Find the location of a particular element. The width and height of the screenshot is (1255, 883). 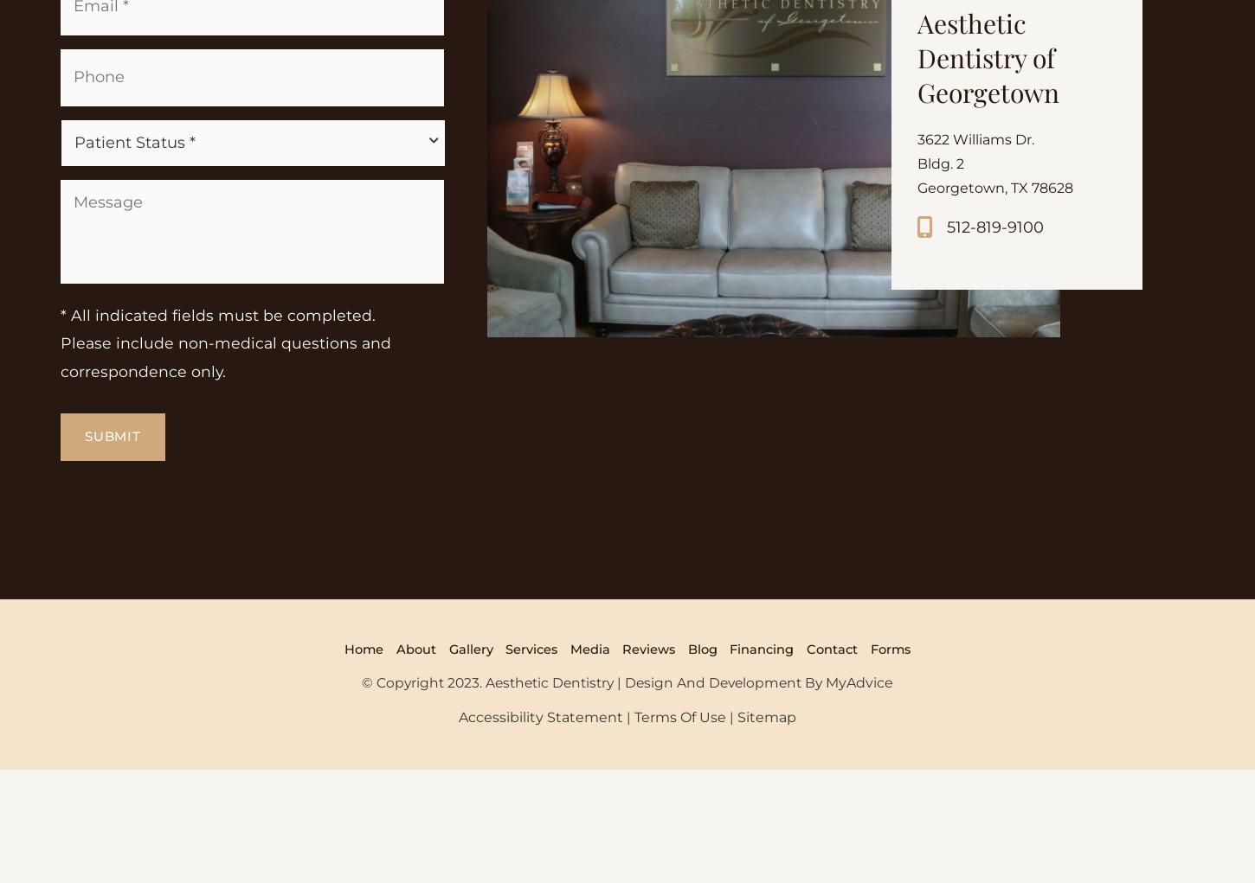

'Gallery' is located at coordinates (465, 766).